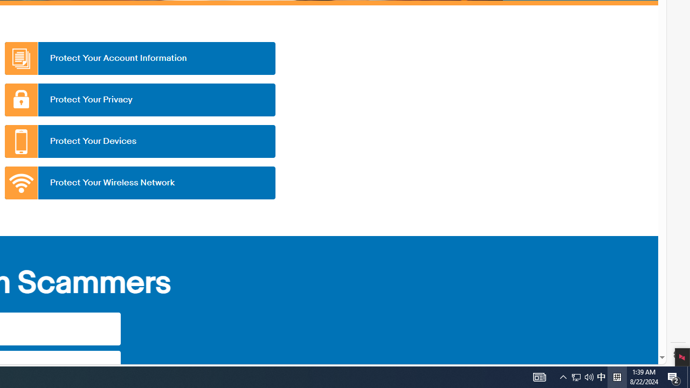  Describe the element at coordinates (139, 100) in the screenshot. I see `'Protect Your Privacy'` at that location.